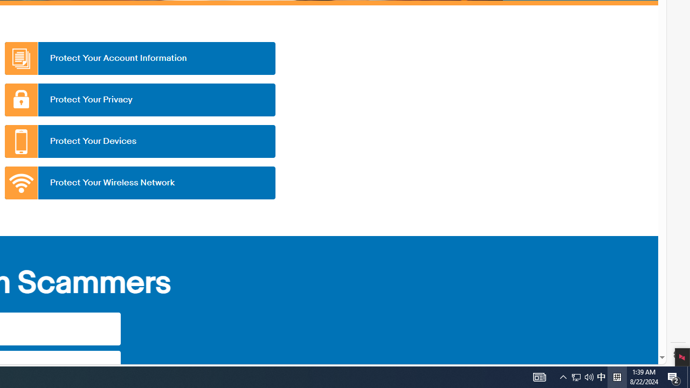  Describe the element at coordinates (139, 100) in the screenshot. I see `'Protect Your Privacy'` at that location.